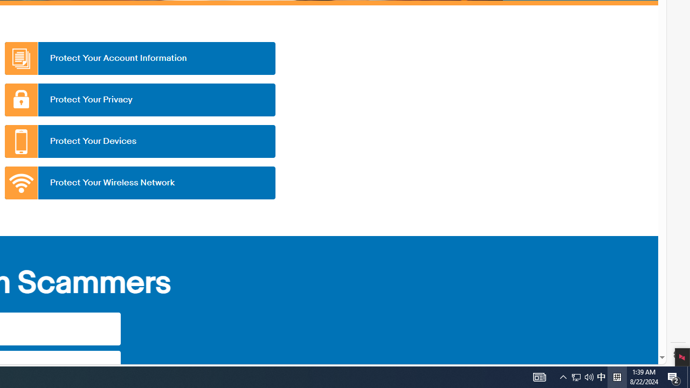  Describe the element at coordinates (139, 100) in the screenshot. I see `'Protect Your Privacy'` at that location.